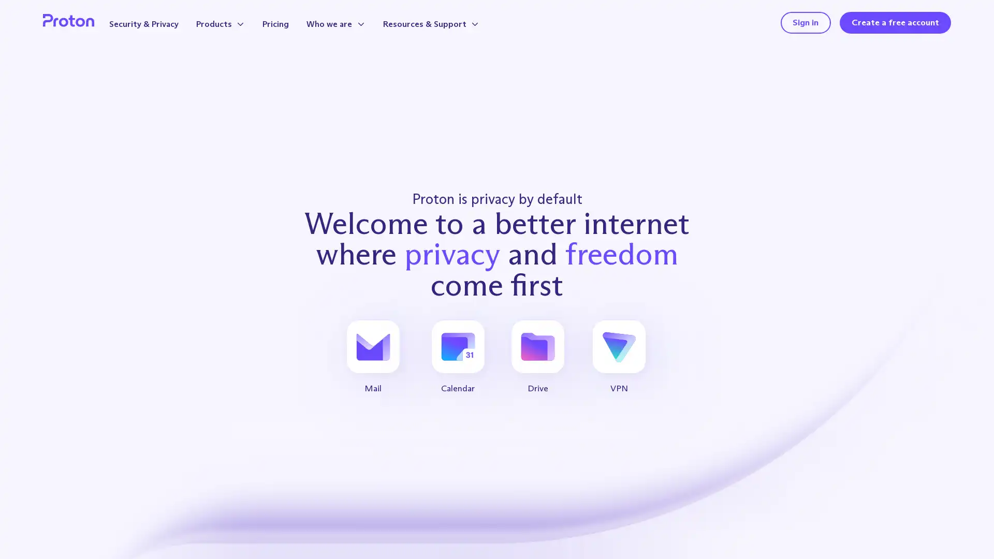  What do you see at coordinates (235, 26) in the screenshot?
I see `Products` at bounding box center [235, 26].